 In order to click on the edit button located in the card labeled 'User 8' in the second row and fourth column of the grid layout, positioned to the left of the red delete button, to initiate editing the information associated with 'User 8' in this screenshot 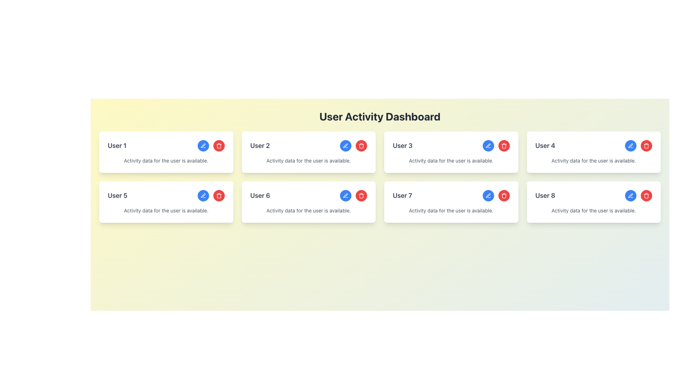, I will do `click(630, 195)`.